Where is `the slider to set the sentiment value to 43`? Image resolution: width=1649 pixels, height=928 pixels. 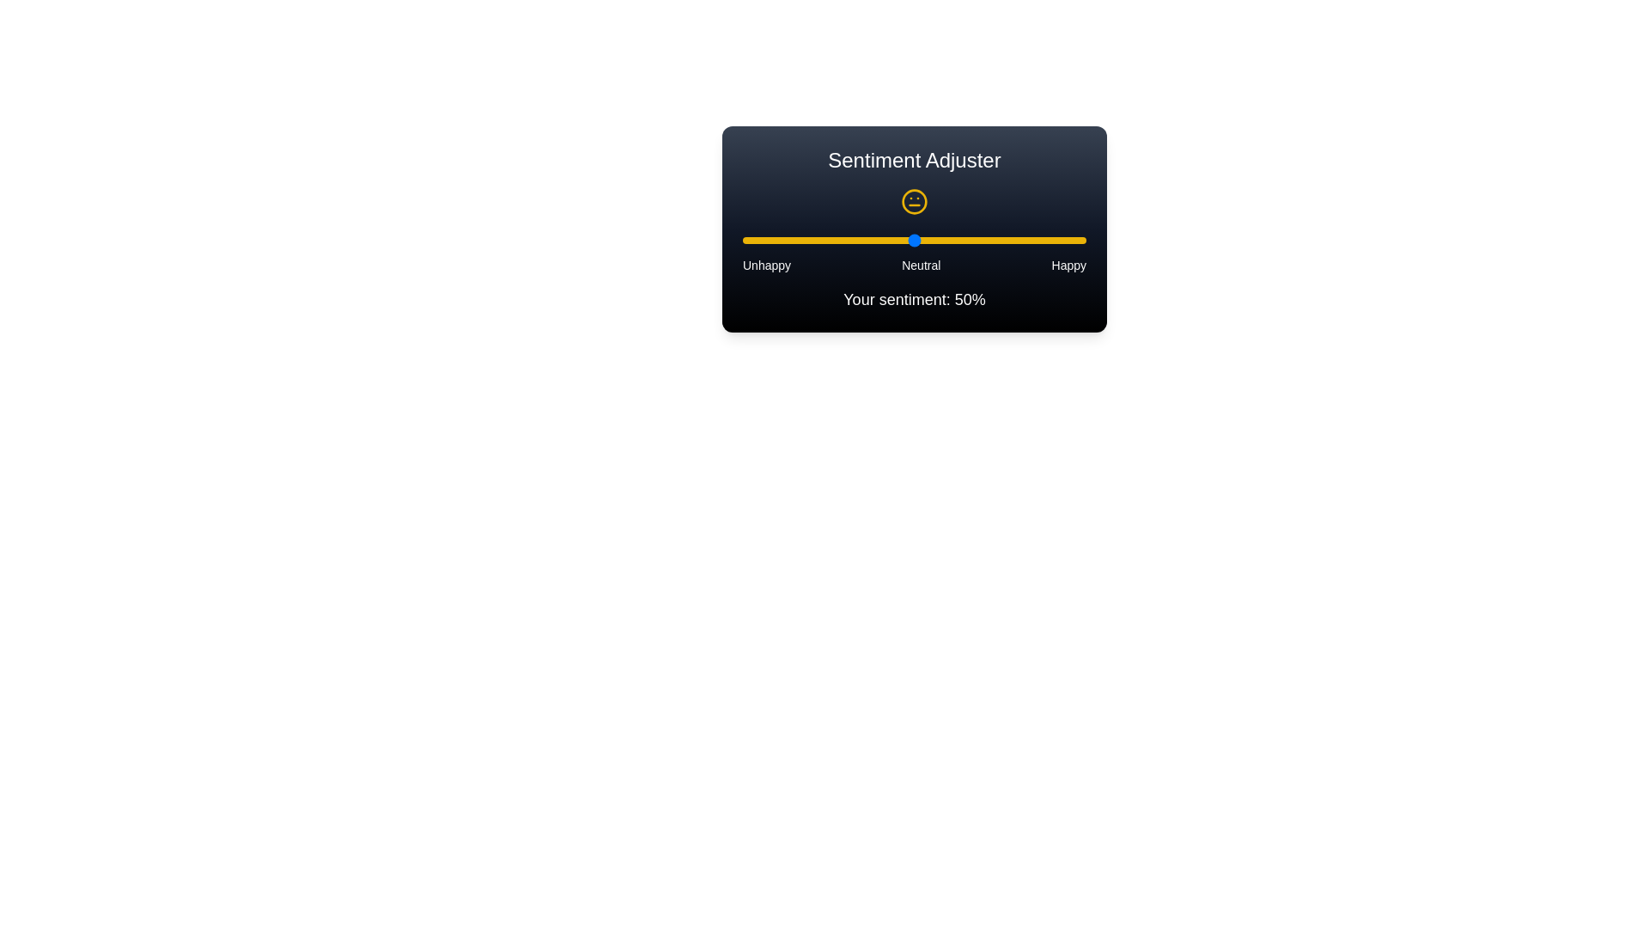
the slider to set the sentiment value to 43 is located at coordinates (890, 241).